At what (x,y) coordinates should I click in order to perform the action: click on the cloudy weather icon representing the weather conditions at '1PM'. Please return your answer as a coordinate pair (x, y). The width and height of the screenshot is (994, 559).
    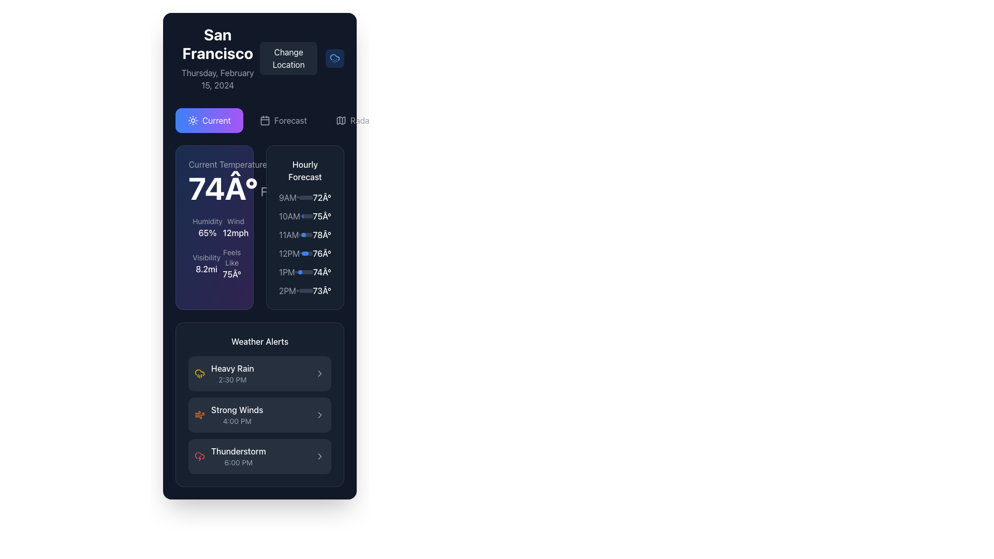
    Looking at the image, I should click on (296, 271).